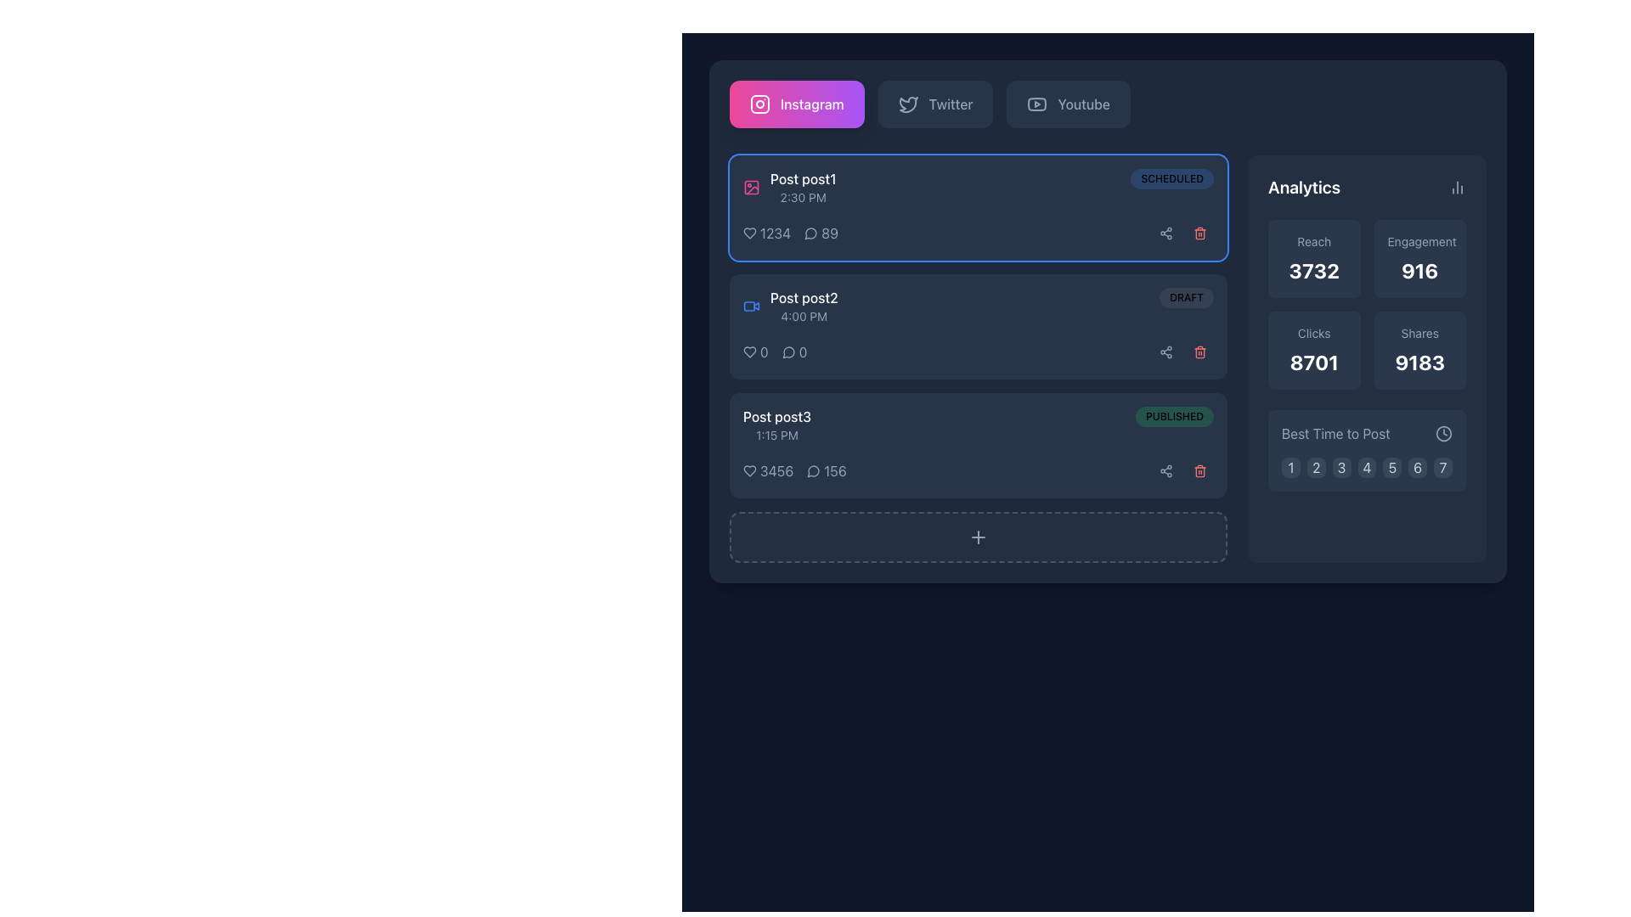  What do you see at coordinates (803, 307) in the screenshot?
I see `the text display element that shows the title 'Post post2' and the time '4:00 PM', which is located between 'Post post1' and 'Post post3'` at bounding box center [803, 307].